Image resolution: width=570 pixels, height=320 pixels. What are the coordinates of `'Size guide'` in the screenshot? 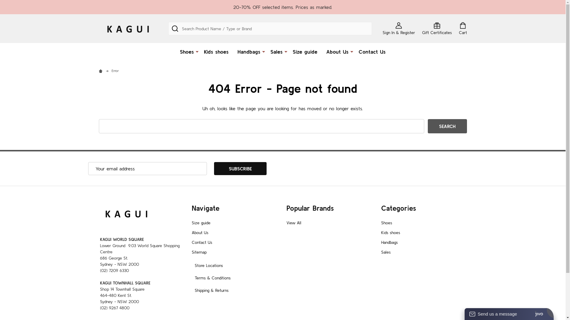 It's located at (201, 223).